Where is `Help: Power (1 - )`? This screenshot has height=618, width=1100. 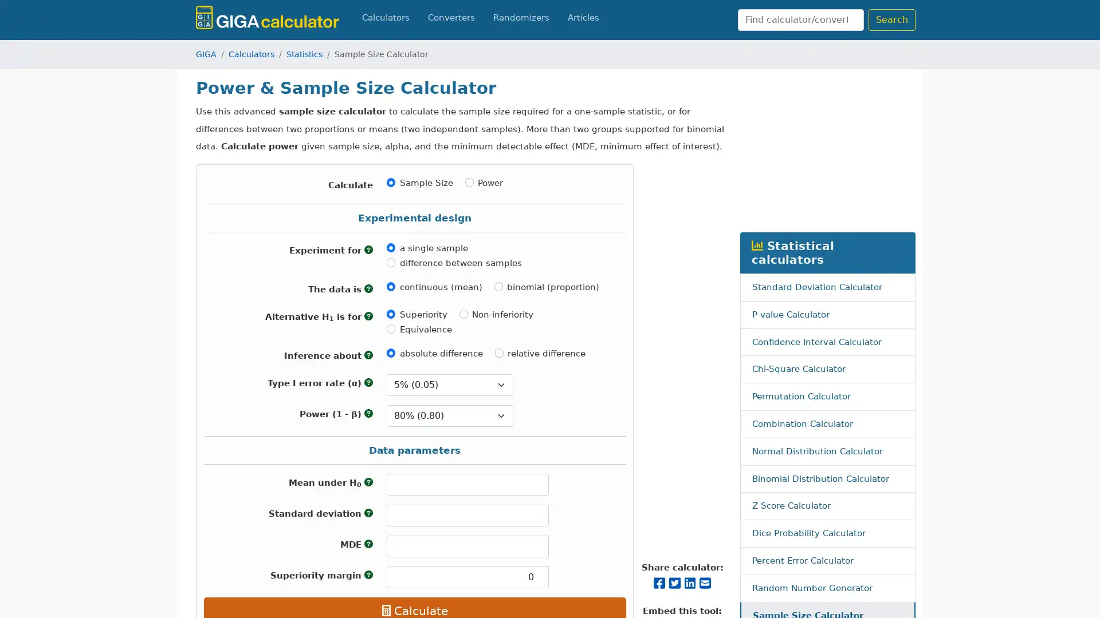 Help: Power (1 - ) is located at coordinates (368, 413).